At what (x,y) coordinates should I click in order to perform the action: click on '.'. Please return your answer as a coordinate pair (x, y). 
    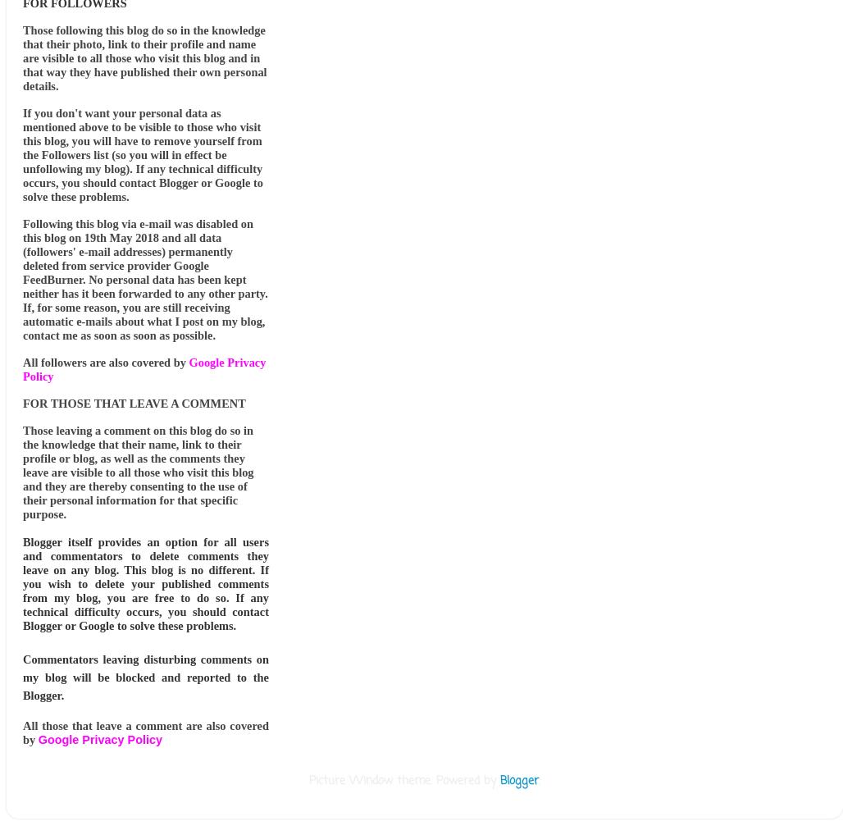
    Looking at the image, I should click on (538, 780).